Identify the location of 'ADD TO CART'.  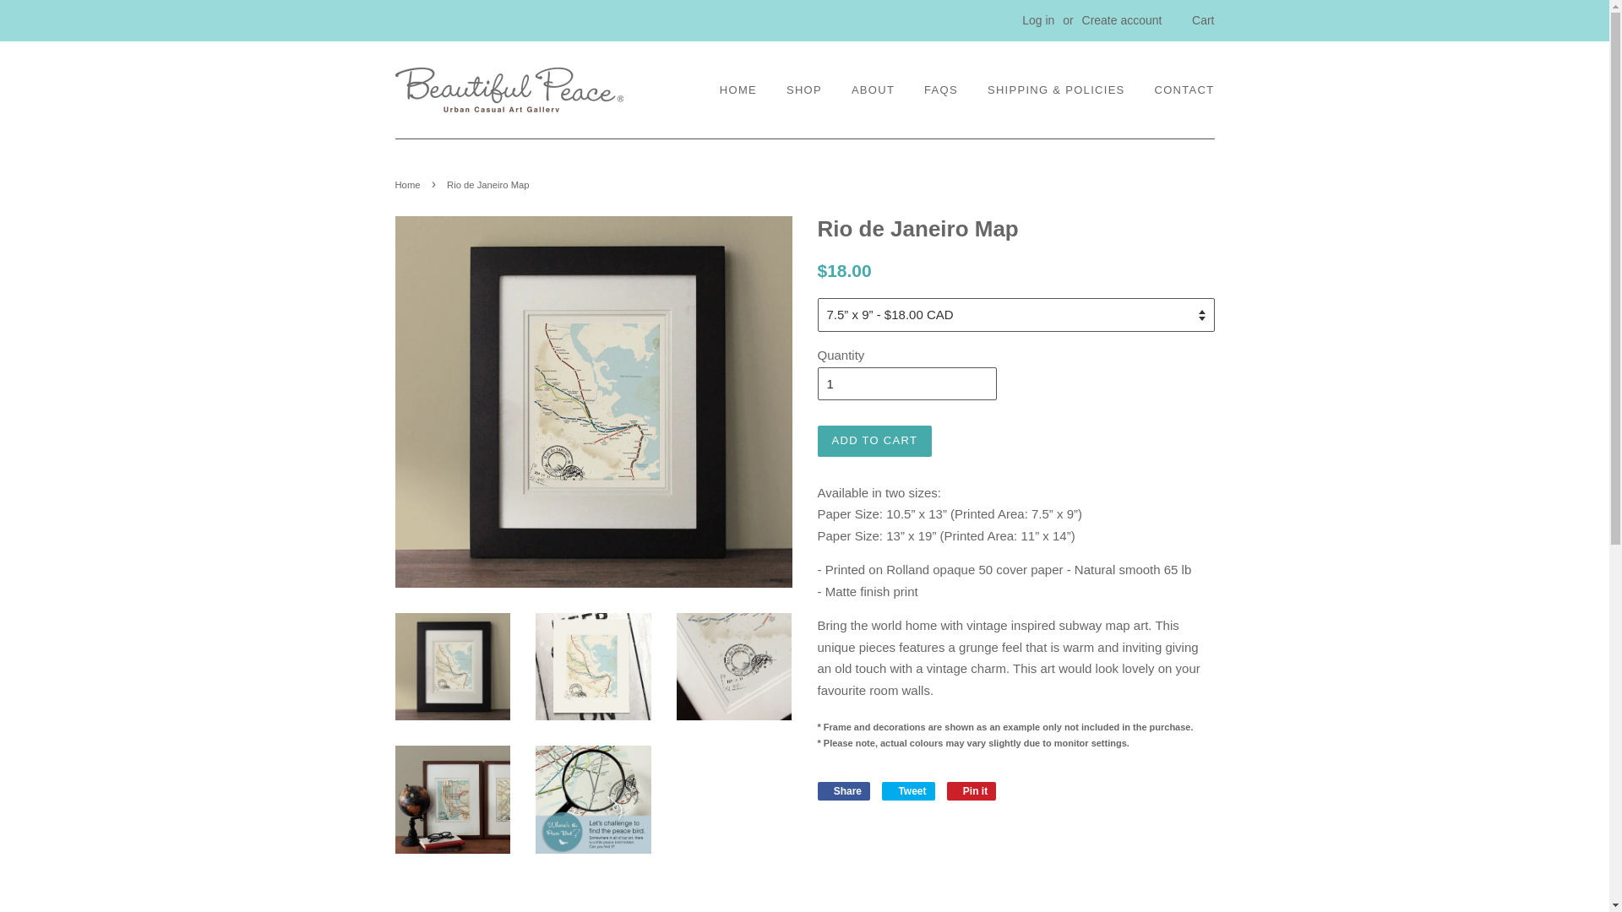
(875, 439).